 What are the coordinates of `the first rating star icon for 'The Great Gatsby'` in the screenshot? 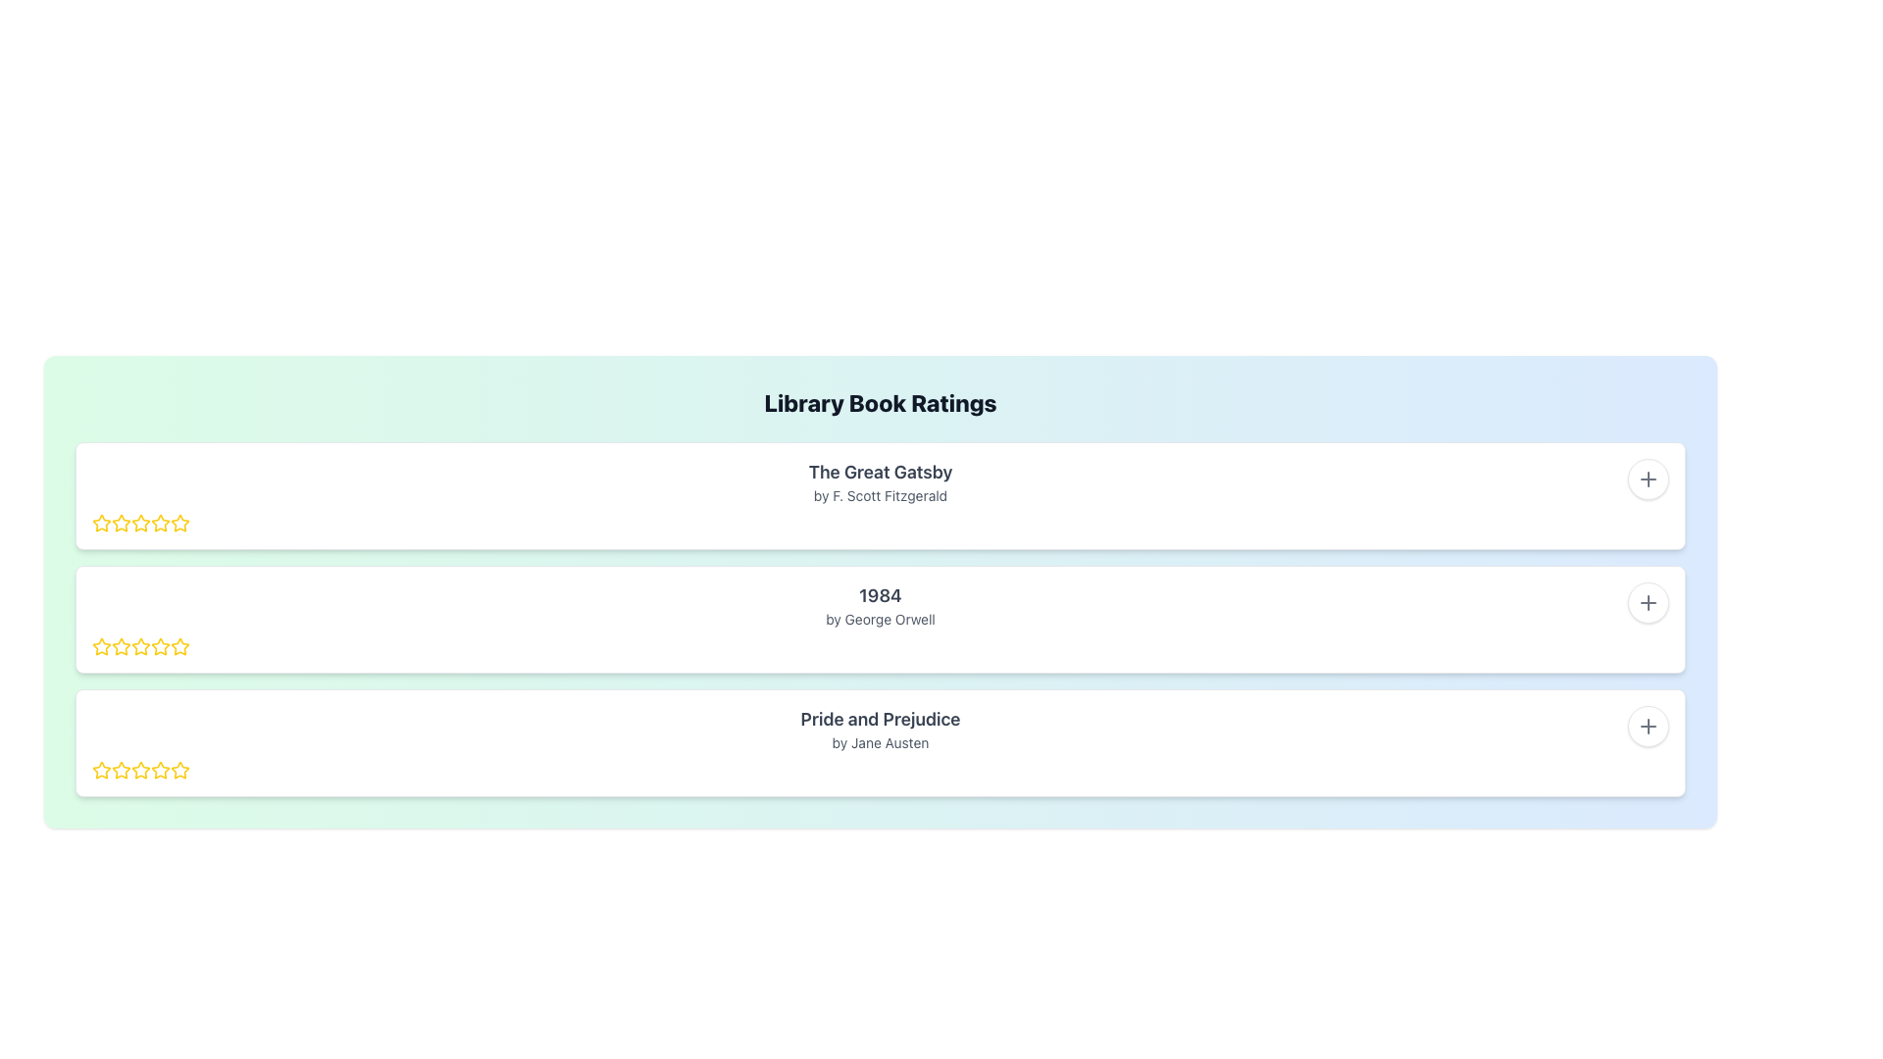 It's located at (101, 522).